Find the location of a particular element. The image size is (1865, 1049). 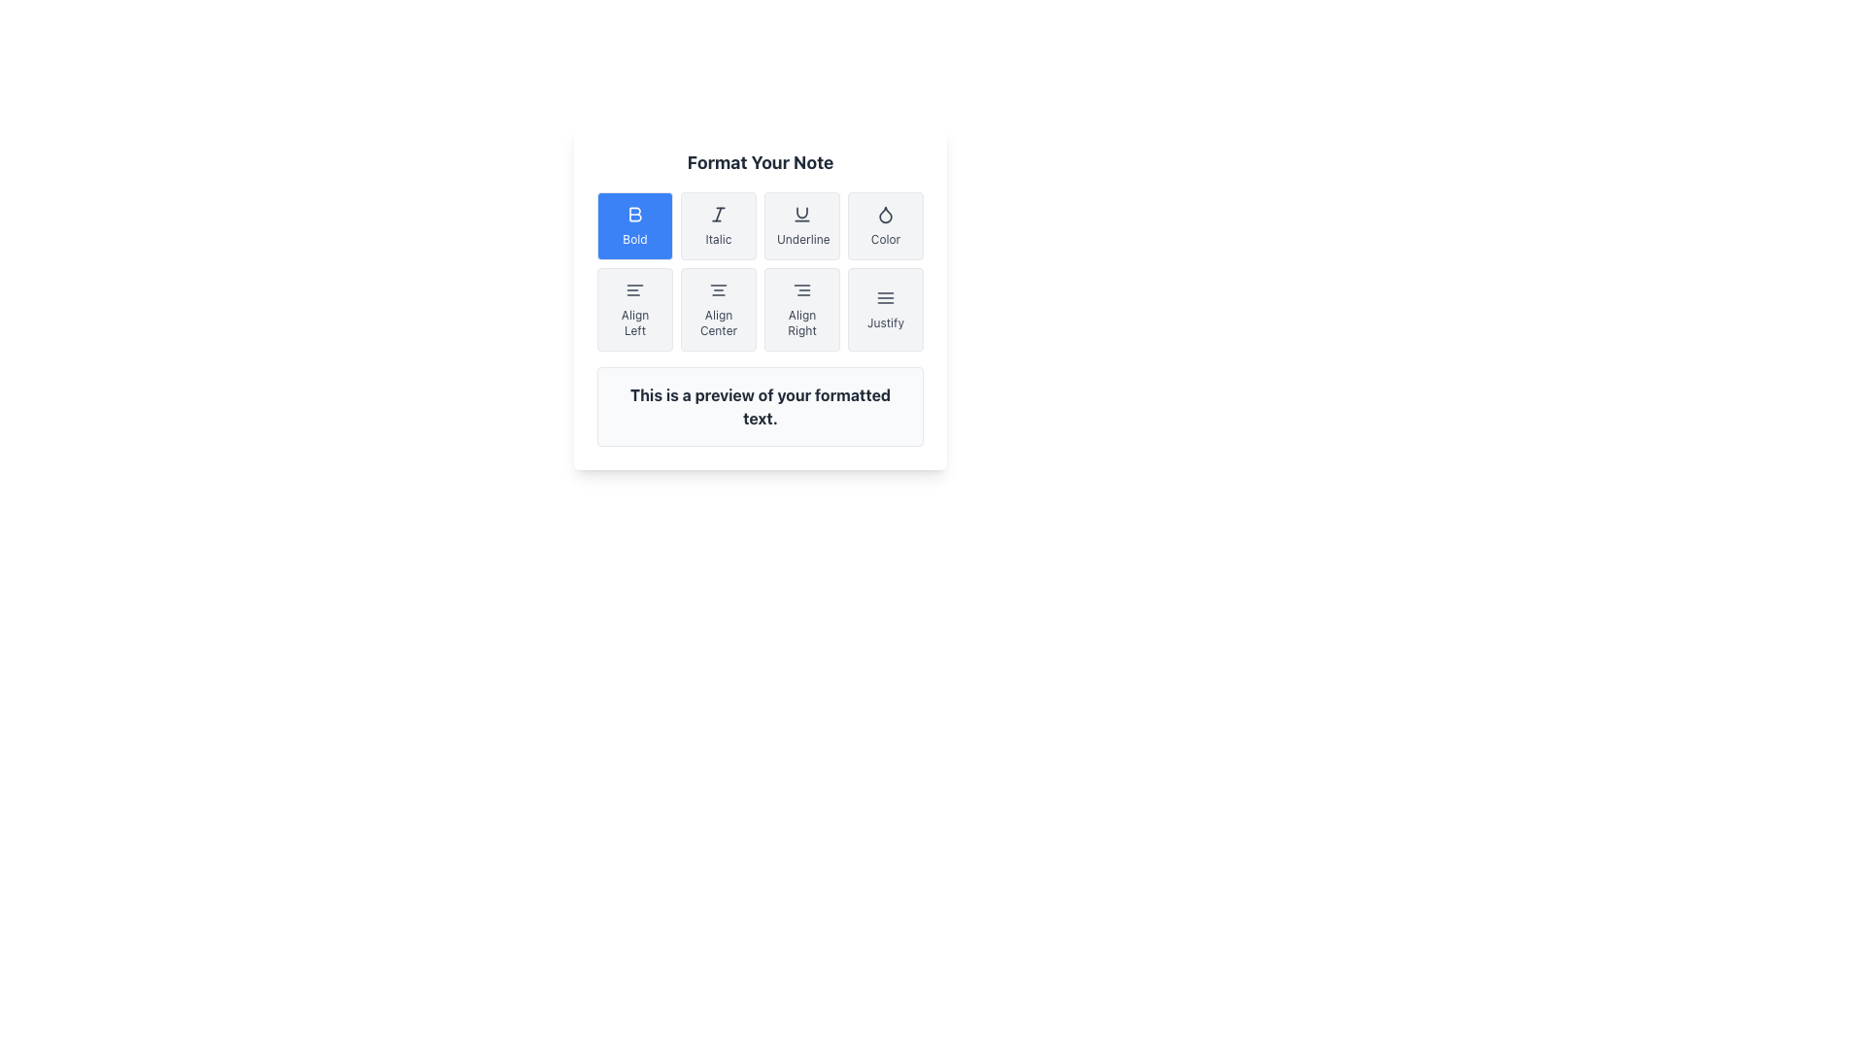

the bold formatting button located in the top-left slot of the formatting toolbar to apply or remove the bold styling from the selected text is located at coordinates (634, 224).